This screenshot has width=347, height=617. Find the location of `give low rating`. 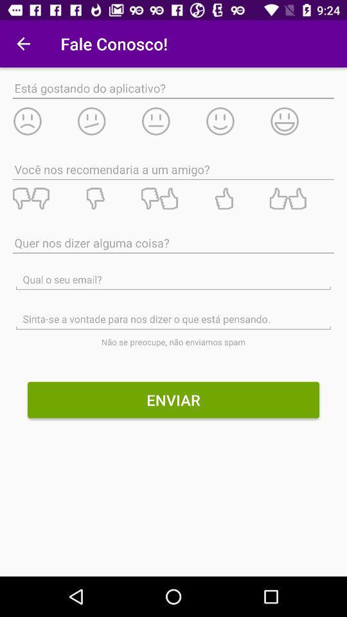

give low rating is located at coordinates (44, 121).